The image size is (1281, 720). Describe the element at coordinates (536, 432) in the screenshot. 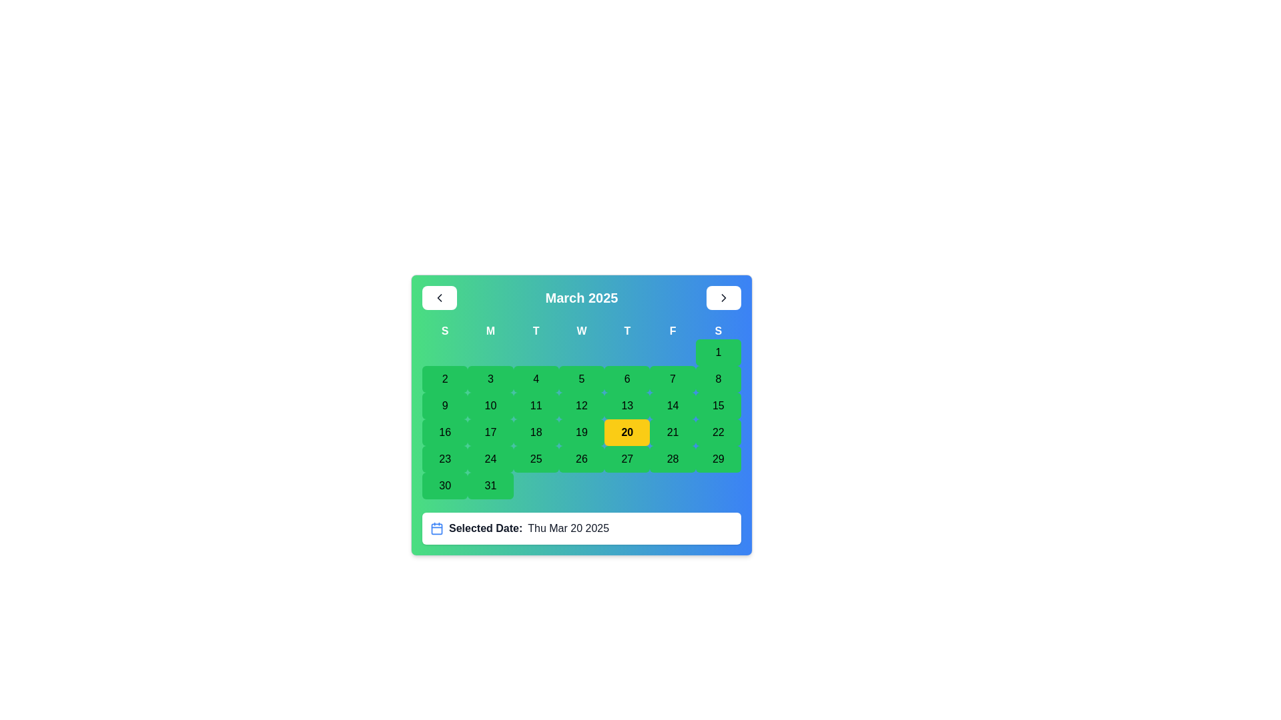

I see `the interactive button styled as a date grid item displaying the number '18'` at that location.